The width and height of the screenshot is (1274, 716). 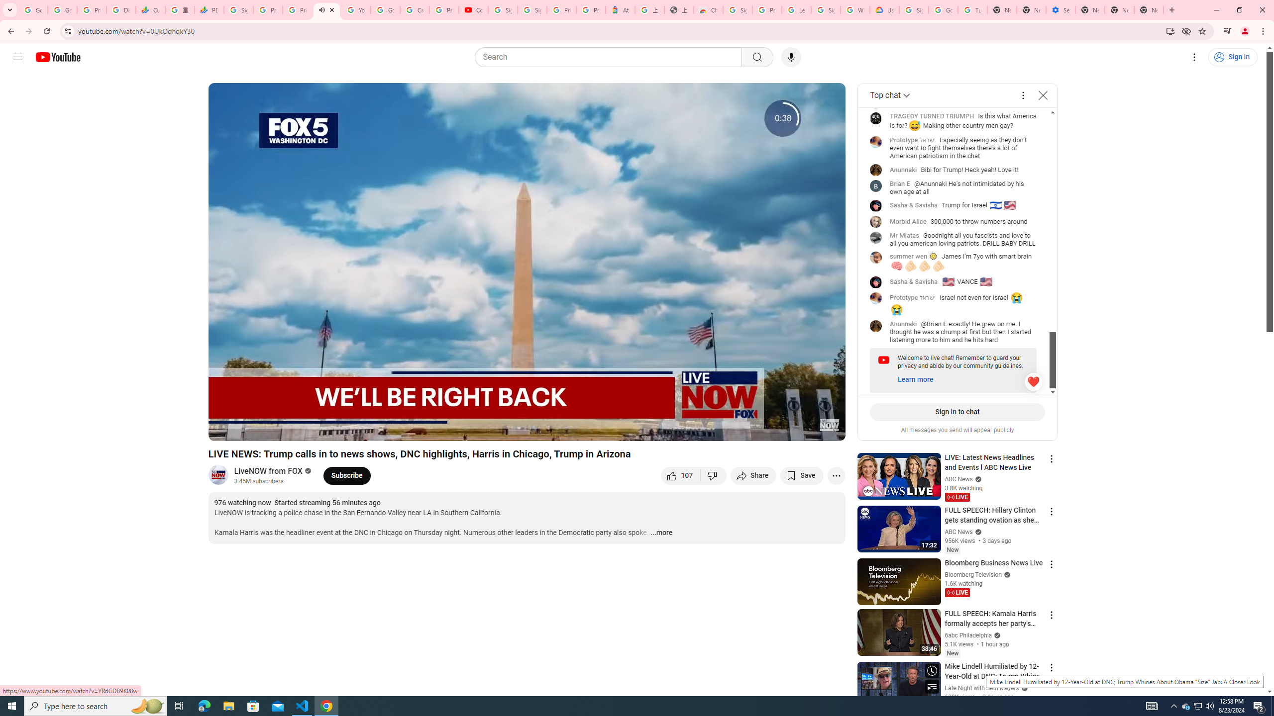 I want to click on 'More actions', so click(x=836, y=475).